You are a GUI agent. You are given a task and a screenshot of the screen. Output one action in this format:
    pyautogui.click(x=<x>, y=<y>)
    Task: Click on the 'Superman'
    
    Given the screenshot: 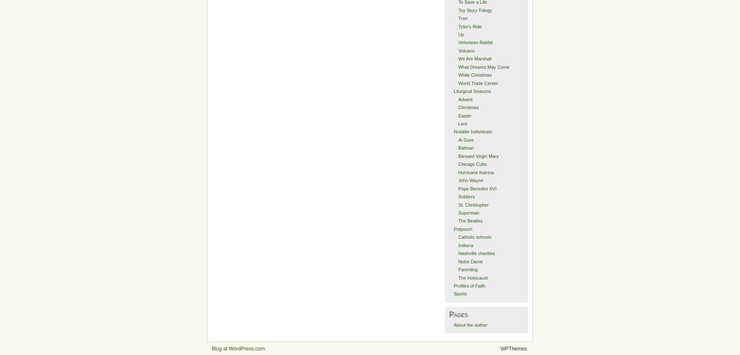 What is the action you would take?
    pyautogui.click(x=468, y=212)
    